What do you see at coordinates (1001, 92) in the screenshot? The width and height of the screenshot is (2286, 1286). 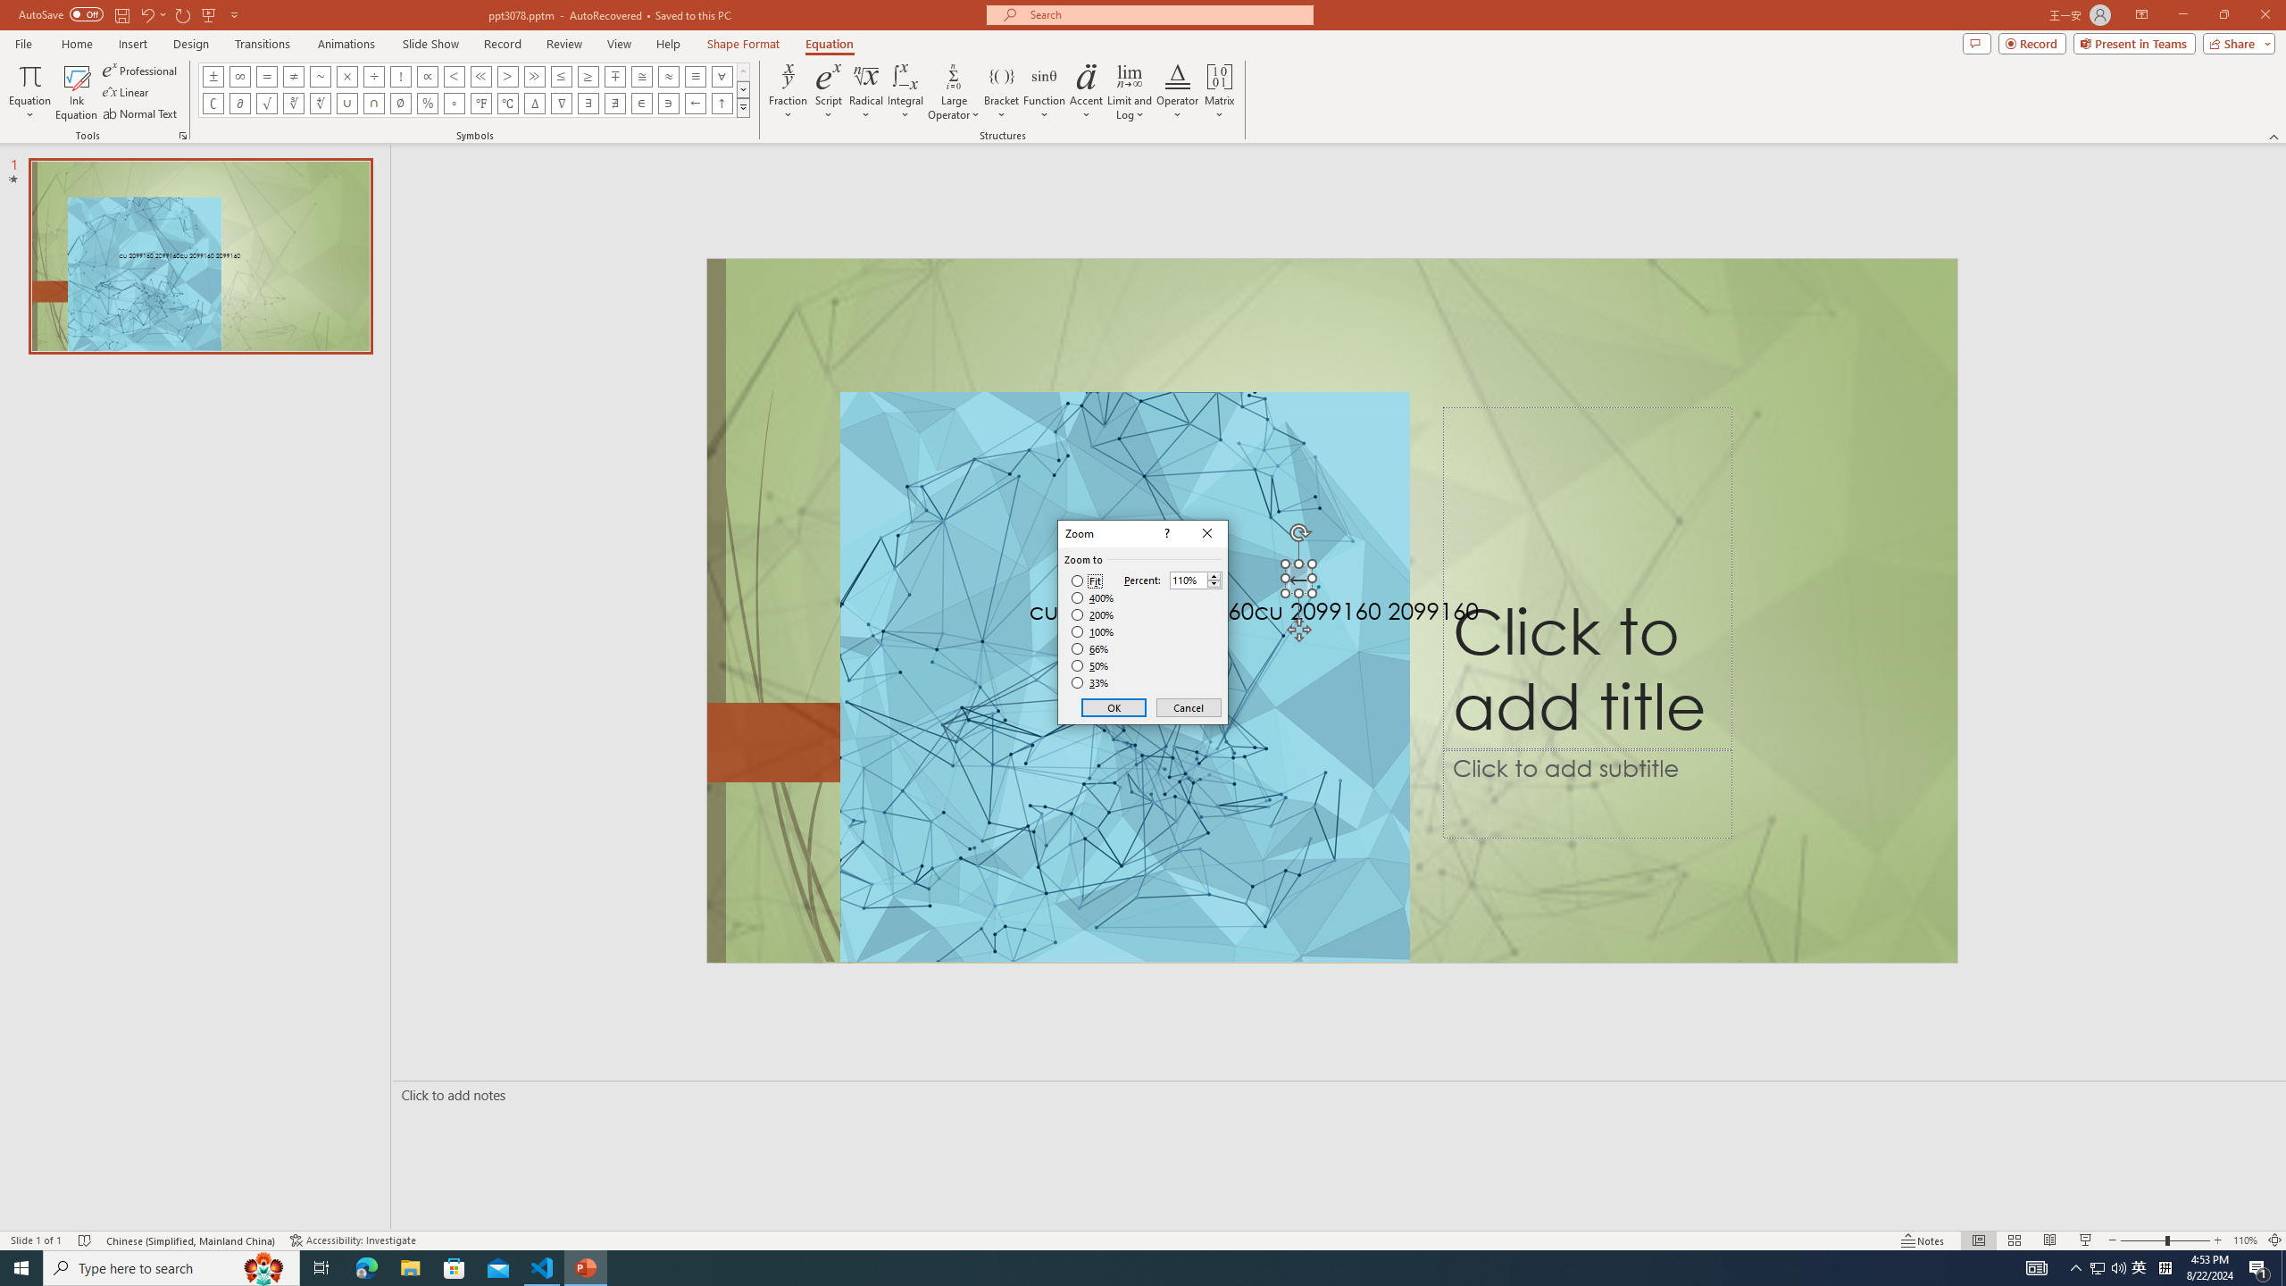 I see `'Bracket'` at bounding box center [1001, 92].